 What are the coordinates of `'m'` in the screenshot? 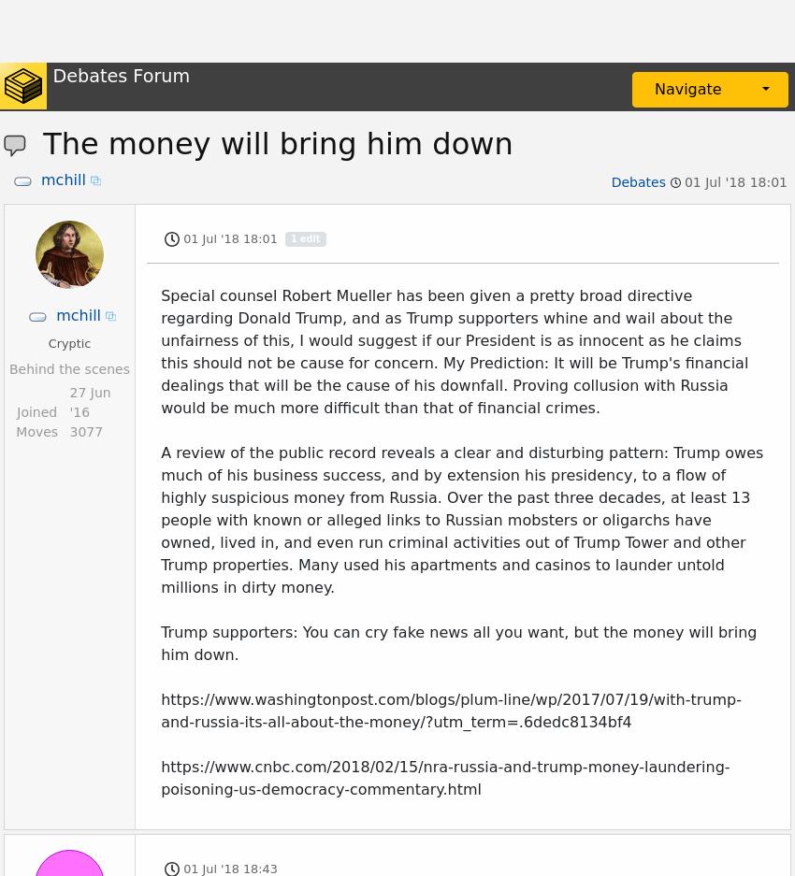 It's located at (69, 718).